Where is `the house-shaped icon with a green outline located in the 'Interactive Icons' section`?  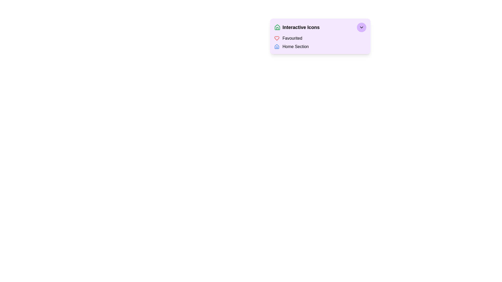 the house-shaped icon with a green outline located in the 'Interactive Icons' section is located at coordinates (277, 27).